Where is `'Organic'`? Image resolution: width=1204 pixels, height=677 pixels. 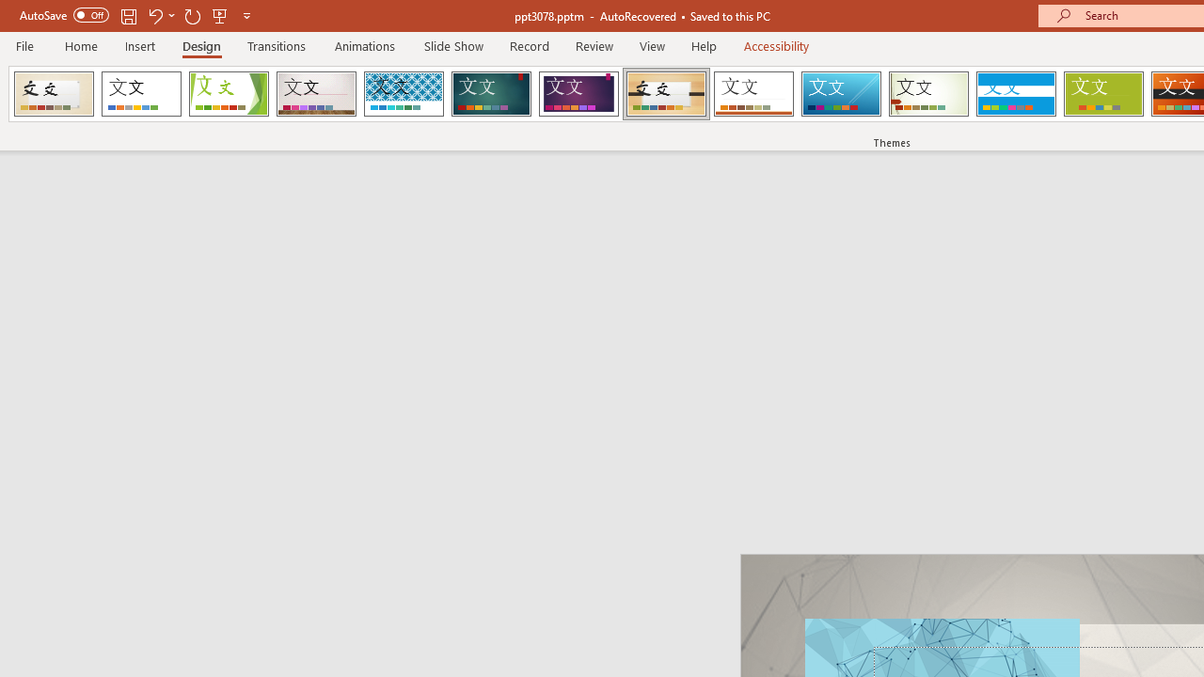 'Organic' is located at coordinates (666, 94).